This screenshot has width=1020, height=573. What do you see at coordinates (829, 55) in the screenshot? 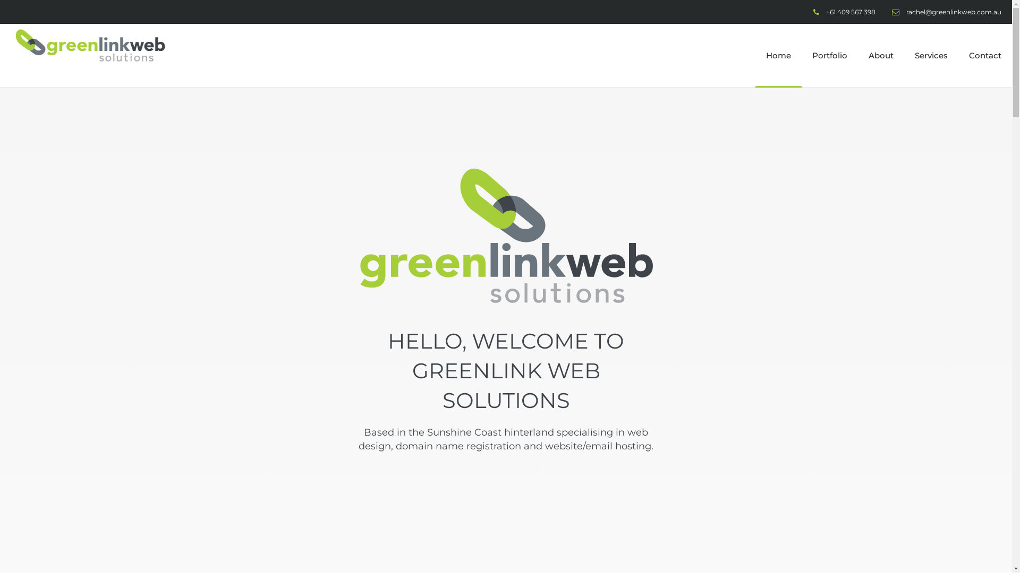
I see `'Portfolio'` at bounding box center [829, 55].